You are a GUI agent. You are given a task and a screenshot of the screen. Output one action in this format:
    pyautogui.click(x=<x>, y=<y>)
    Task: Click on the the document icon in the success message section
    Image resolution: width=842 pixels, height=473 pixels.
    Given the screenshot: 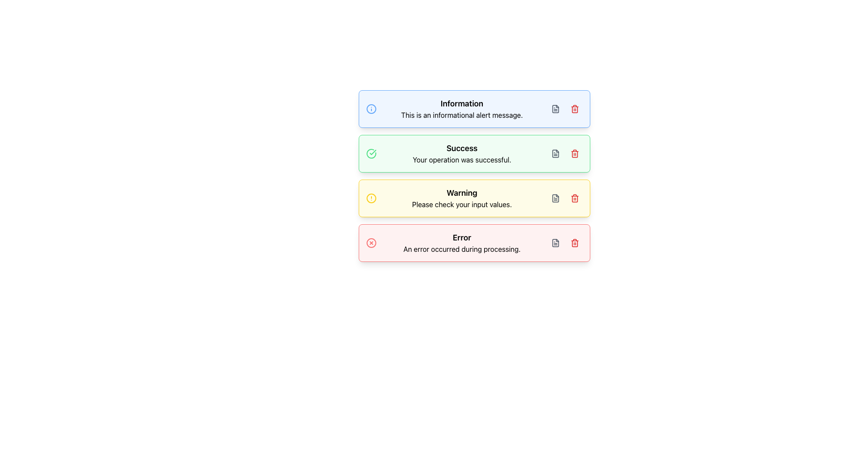 What is the action you would take?
    pyautogui.click(x=555, y=153)
    